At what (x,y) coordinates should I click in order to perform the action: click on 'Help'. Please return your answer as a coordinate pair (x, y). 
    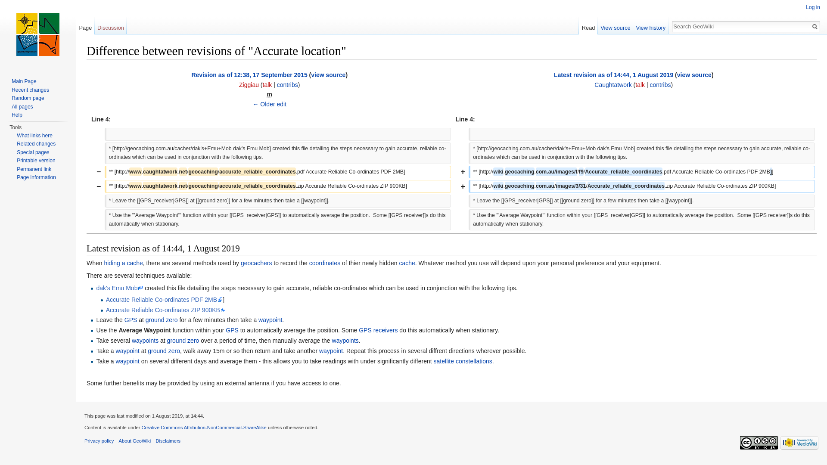
    Looking at the image, I should click on (17, 114).